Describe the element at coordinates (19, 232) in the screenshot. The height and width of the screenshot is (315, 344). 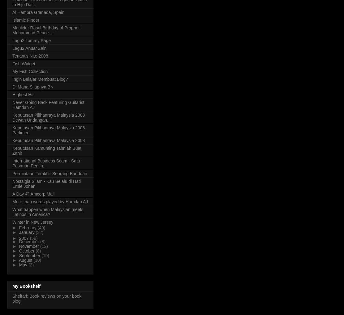
I see `'January'` at that location.